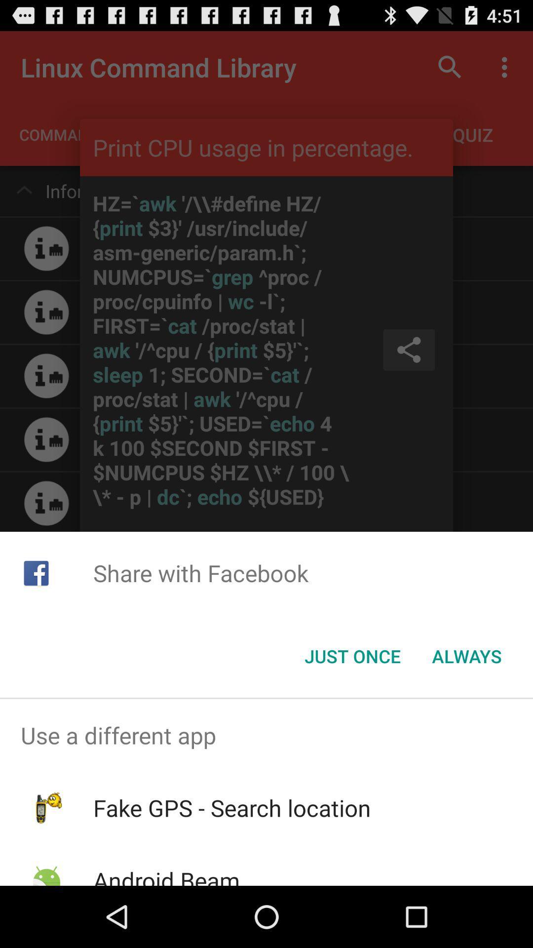 This screenshot has height=948, width=533. Describe the element at coordinates (466, 656) in the screenshot. I see `button next to just once icon` at that location.